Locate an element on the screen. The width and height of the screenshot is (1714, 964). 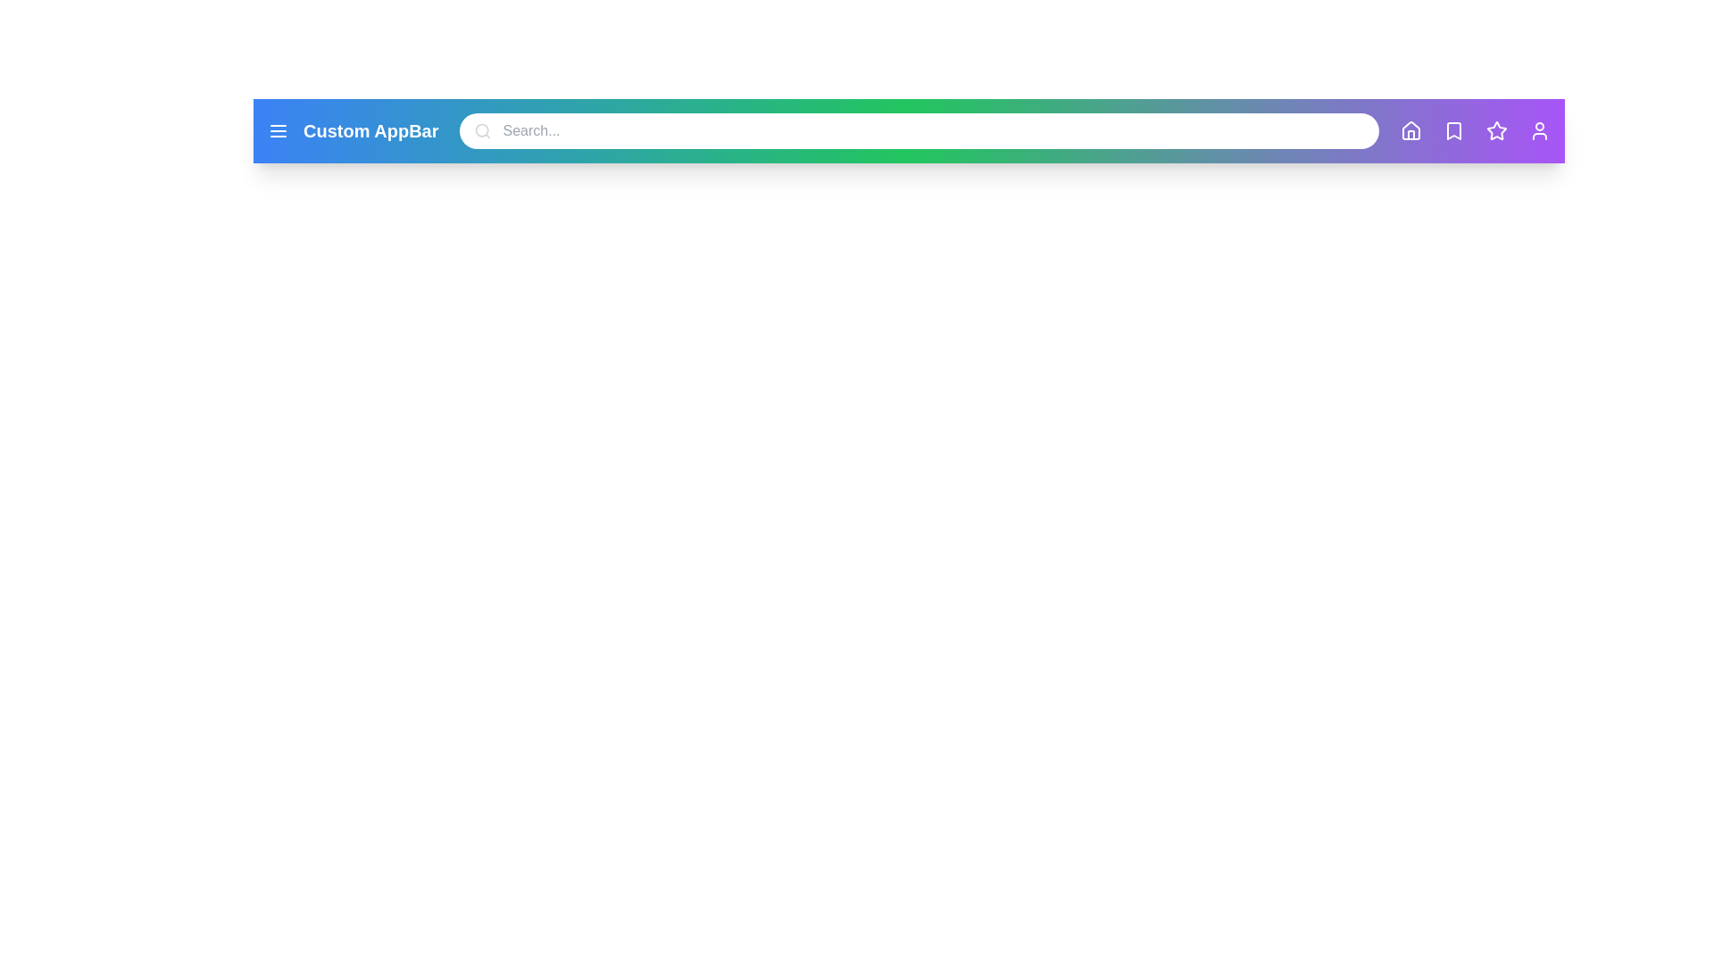
the search bar and type the query 'example query' is located at coordinates (919, 129).